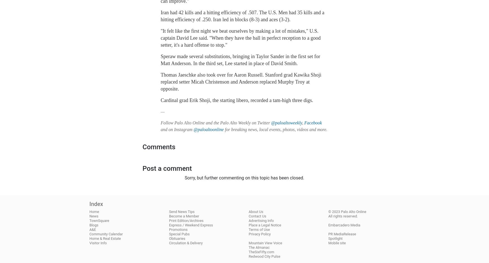  I want to click on 'The Almanac', so click(259, 247).